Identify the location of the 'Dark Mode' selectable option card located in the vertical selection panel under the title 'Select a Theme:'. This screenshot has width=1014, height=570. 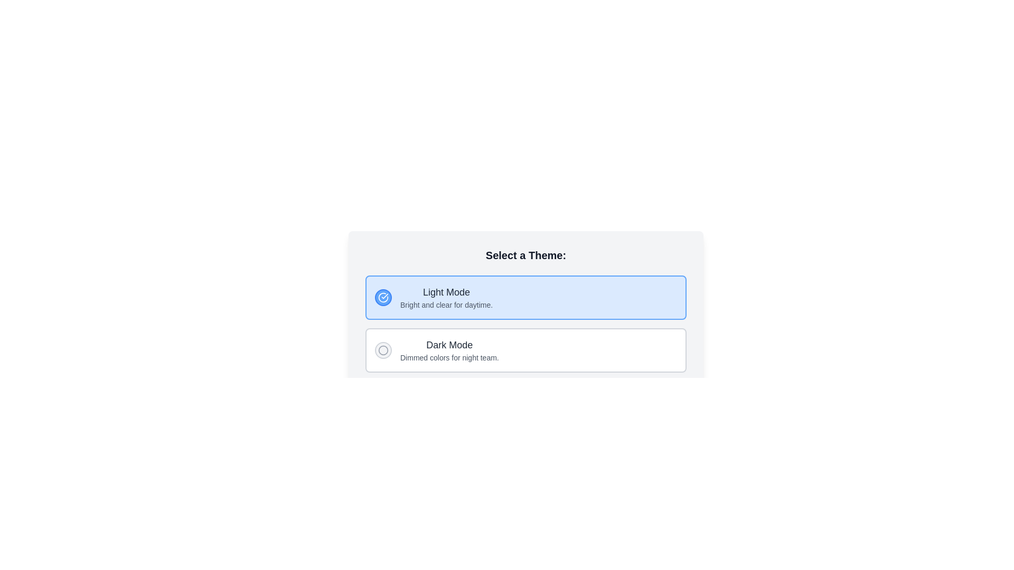
(526, 350).